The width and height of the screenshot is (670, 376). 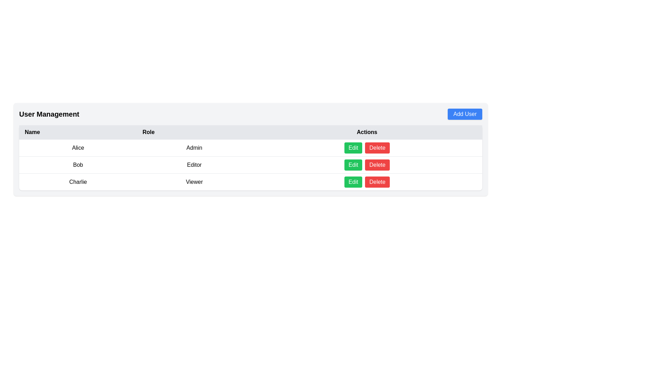 What do you see at coordinates (49, 113) in the screenshot?
I see `the static text label 'User Management', which is a bold heading located at the top-left corner of the interface, serving as the title for the user management section` at bounding box center [49, 113].